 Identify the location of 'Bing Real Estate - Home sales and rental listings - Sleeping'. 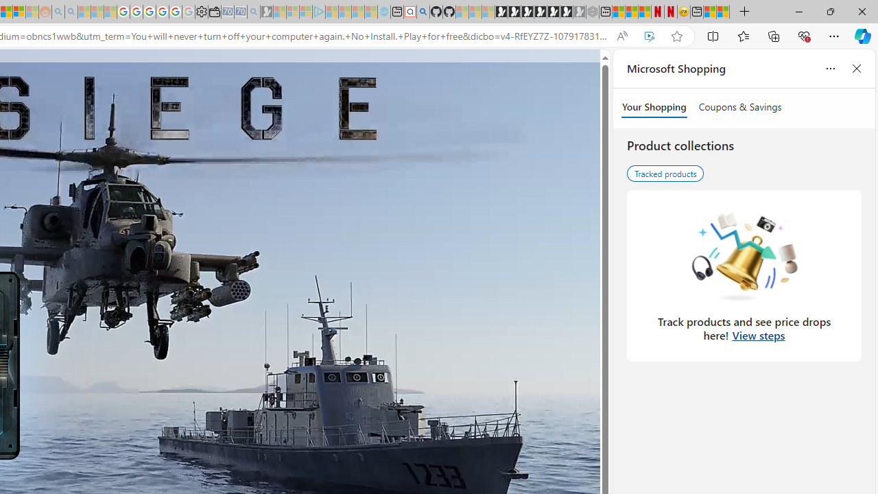
(253, 12).